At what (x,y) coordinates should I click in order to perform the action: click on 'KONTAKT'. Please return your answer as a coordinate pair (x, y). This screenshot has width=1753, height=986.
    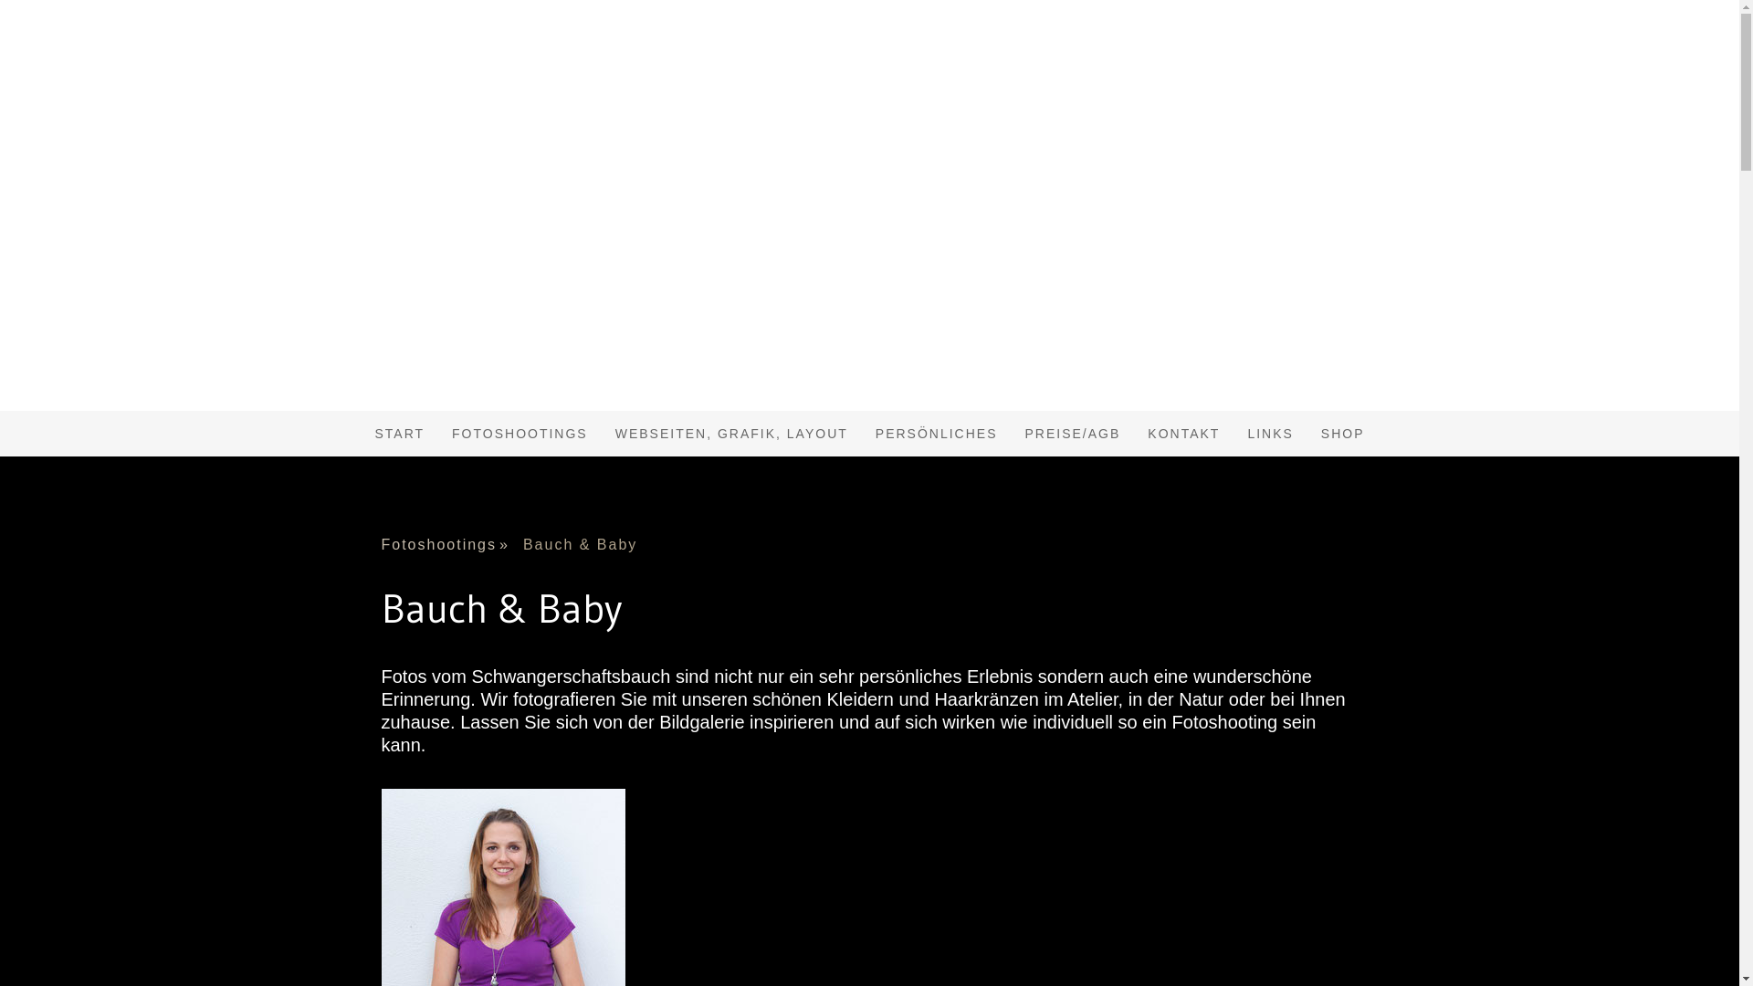
    Looking at the image, I should click on (1183, 433).